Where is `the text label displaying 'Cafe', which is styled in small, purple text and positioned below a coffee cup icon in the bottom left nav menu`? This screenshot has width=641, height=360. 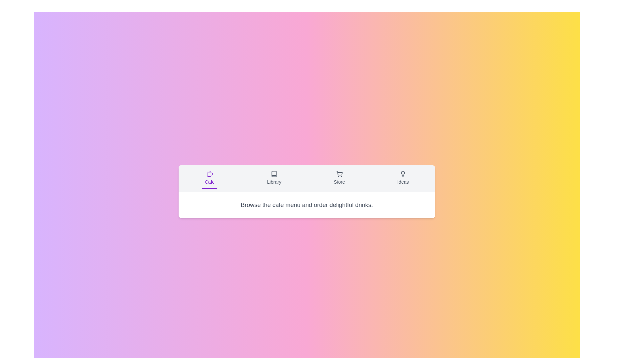
the text label displaying 'Cafe', which is styled in small, purple text and positioned below a coffee cup icon in the bottom left nav menu is located at coordinates (209, 182).